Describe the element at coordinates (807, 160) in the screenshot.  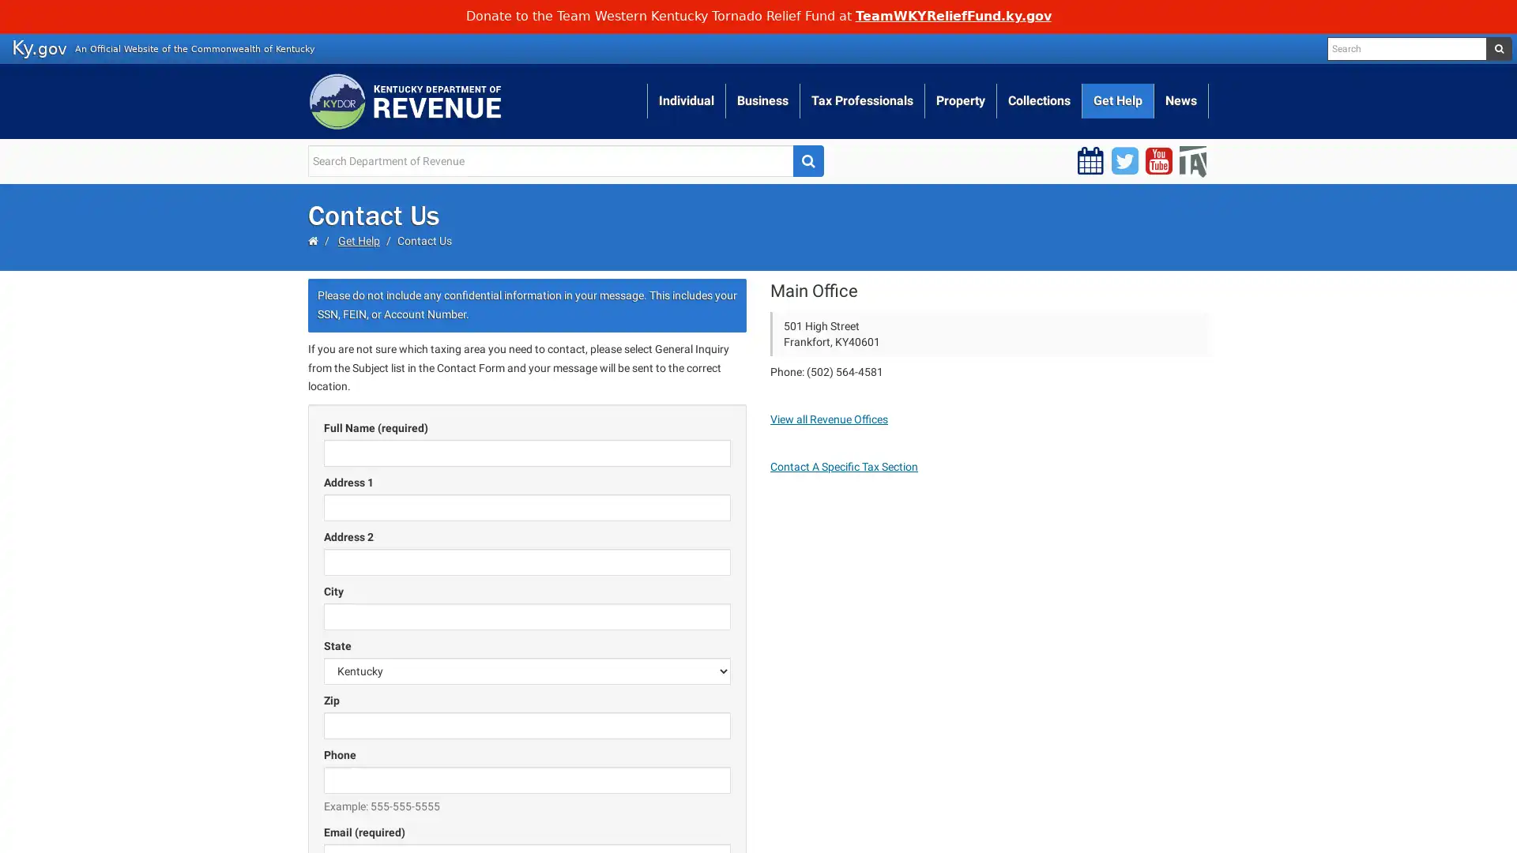
I see `Search` at that location.